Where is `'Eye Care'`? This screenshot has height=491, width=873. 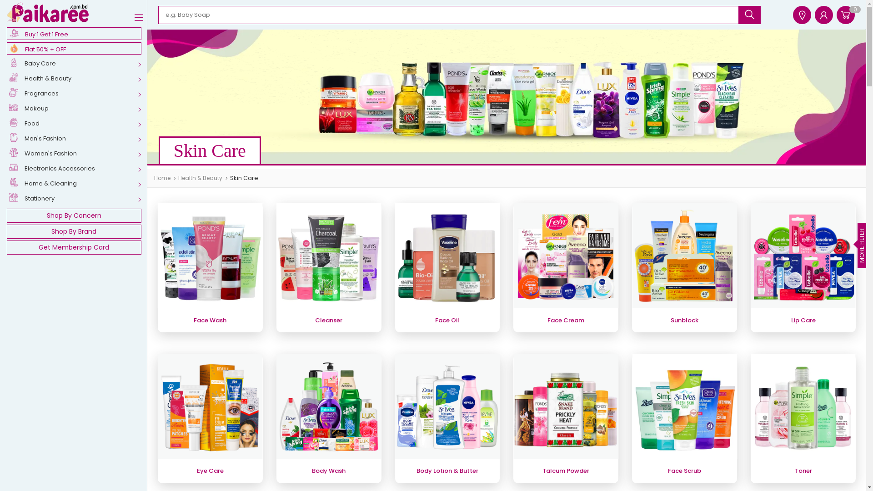
'Eye Care' is located at coordinates (210, 419).